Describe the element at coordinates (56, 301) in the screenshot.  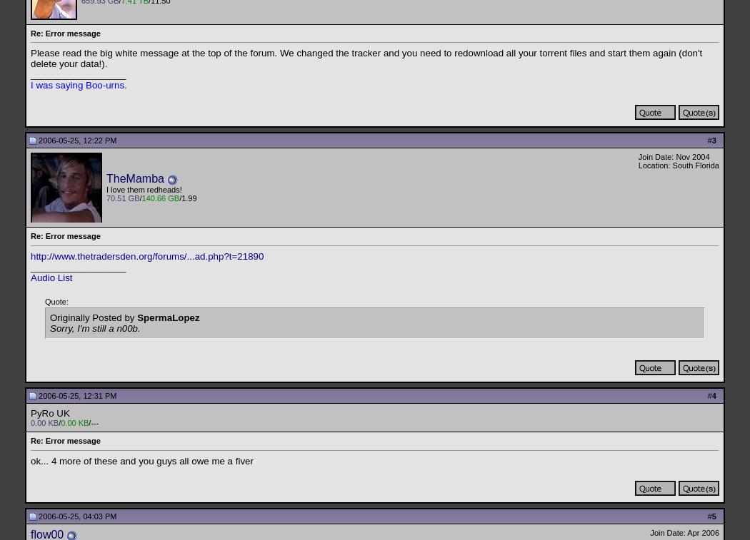
I see `'Quote:'` at that location.